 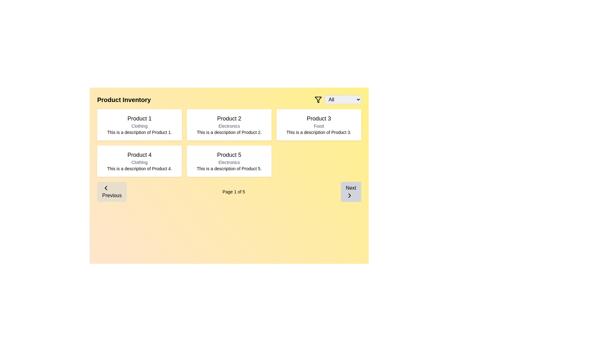 I want to click on the details of the product information card for 'Product 5' located in the second row, center column of the grid layout, so click(x=229, y=161).